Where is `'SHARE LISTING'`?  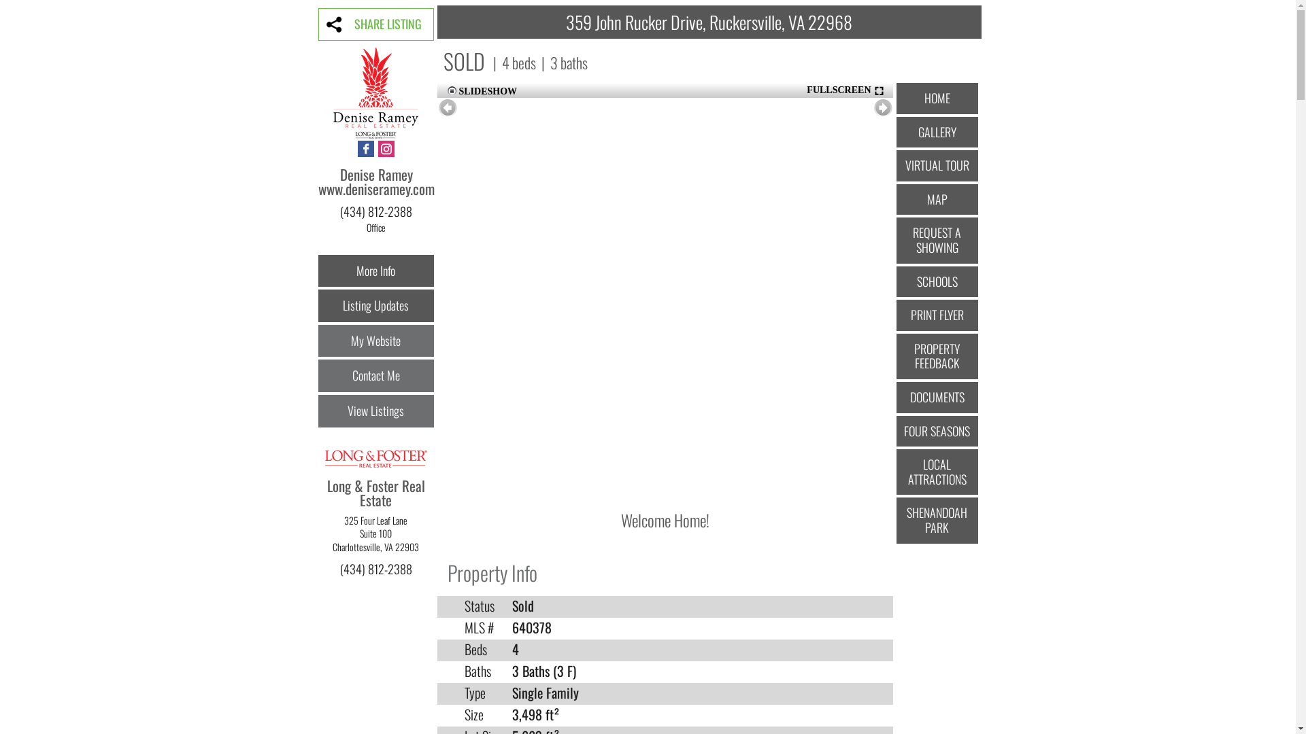
'SHARE LISTING' is located at coordinates (375, 24).